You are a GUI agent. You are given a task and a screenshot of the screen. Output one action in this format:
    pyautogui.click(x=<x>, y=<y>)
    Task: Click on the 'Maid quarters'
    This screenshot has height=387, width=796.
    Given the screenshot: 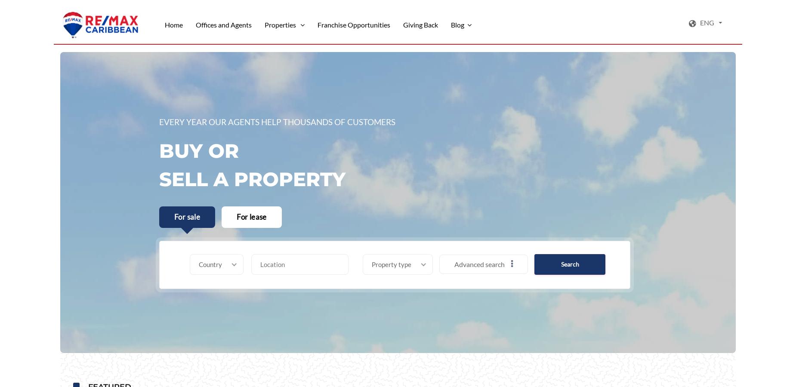 What is the action you would take?
    pyautogui.click(x=406, y=346)
    